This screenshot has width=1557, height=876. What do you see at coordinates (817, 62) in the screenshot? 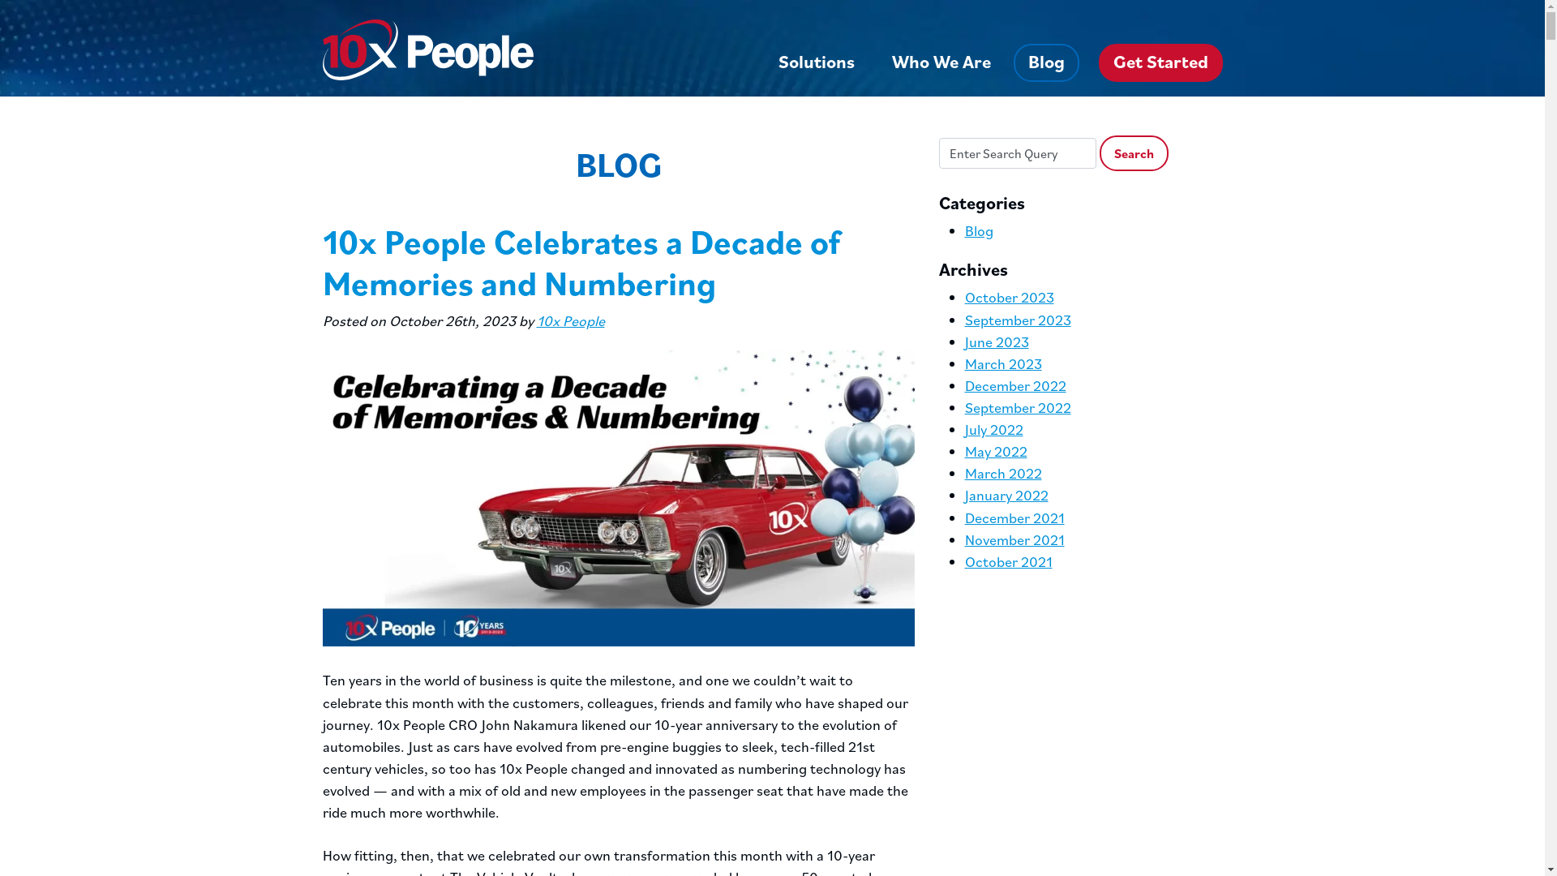
I see `'Solutions'` at bounding box center [817, 62].